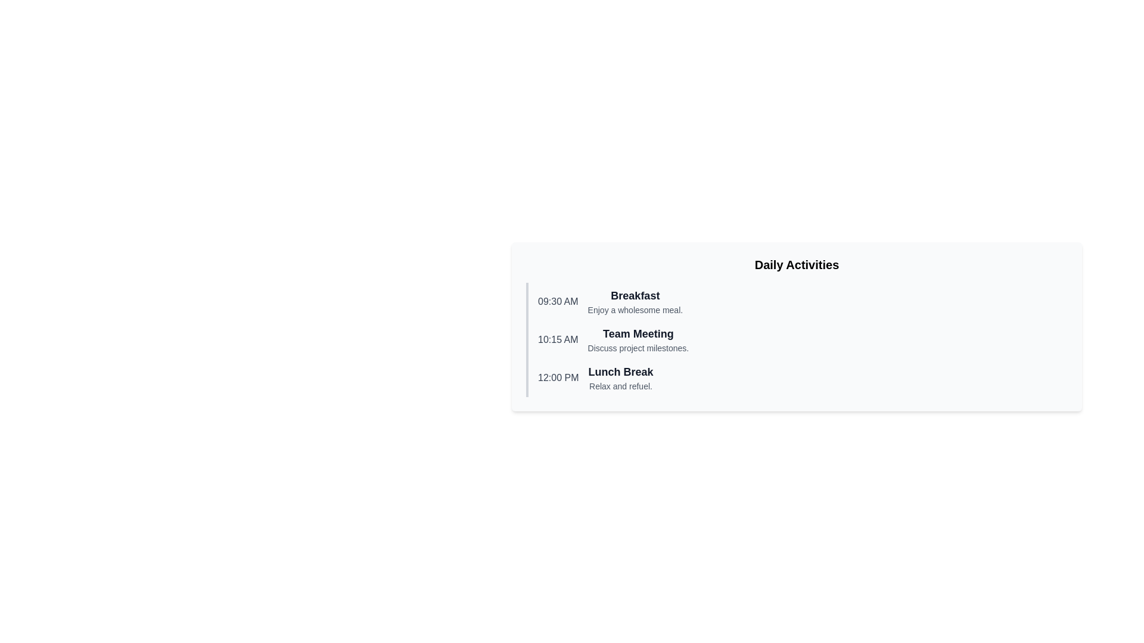 Image resolution: width=1144 pixels, height=643 pixels. I want to click on the timestamp text label displaying '10:15 AM', which is styled in gray and positioned to the left of the 'Team Meeting' description, so click(557, 339).